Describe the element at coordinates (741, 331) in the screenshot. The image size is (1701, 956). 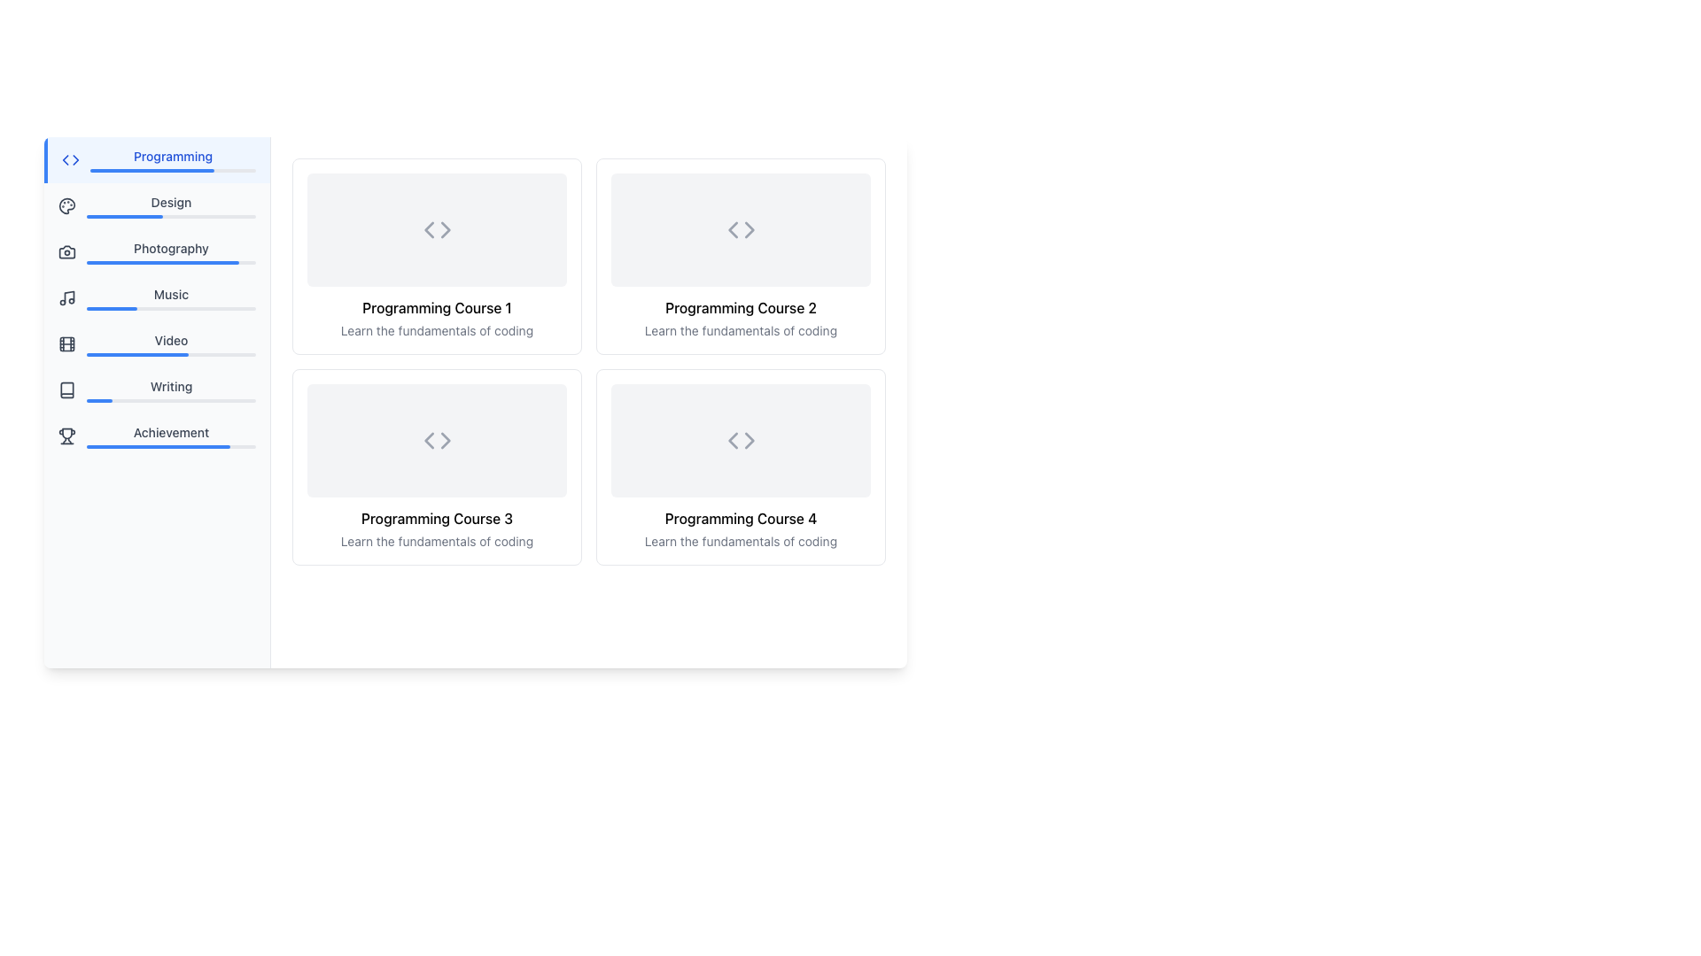
I see `the Text Label that provides supplementary information for the programming course title, located beneath 'Programming Course 2'` at that location.